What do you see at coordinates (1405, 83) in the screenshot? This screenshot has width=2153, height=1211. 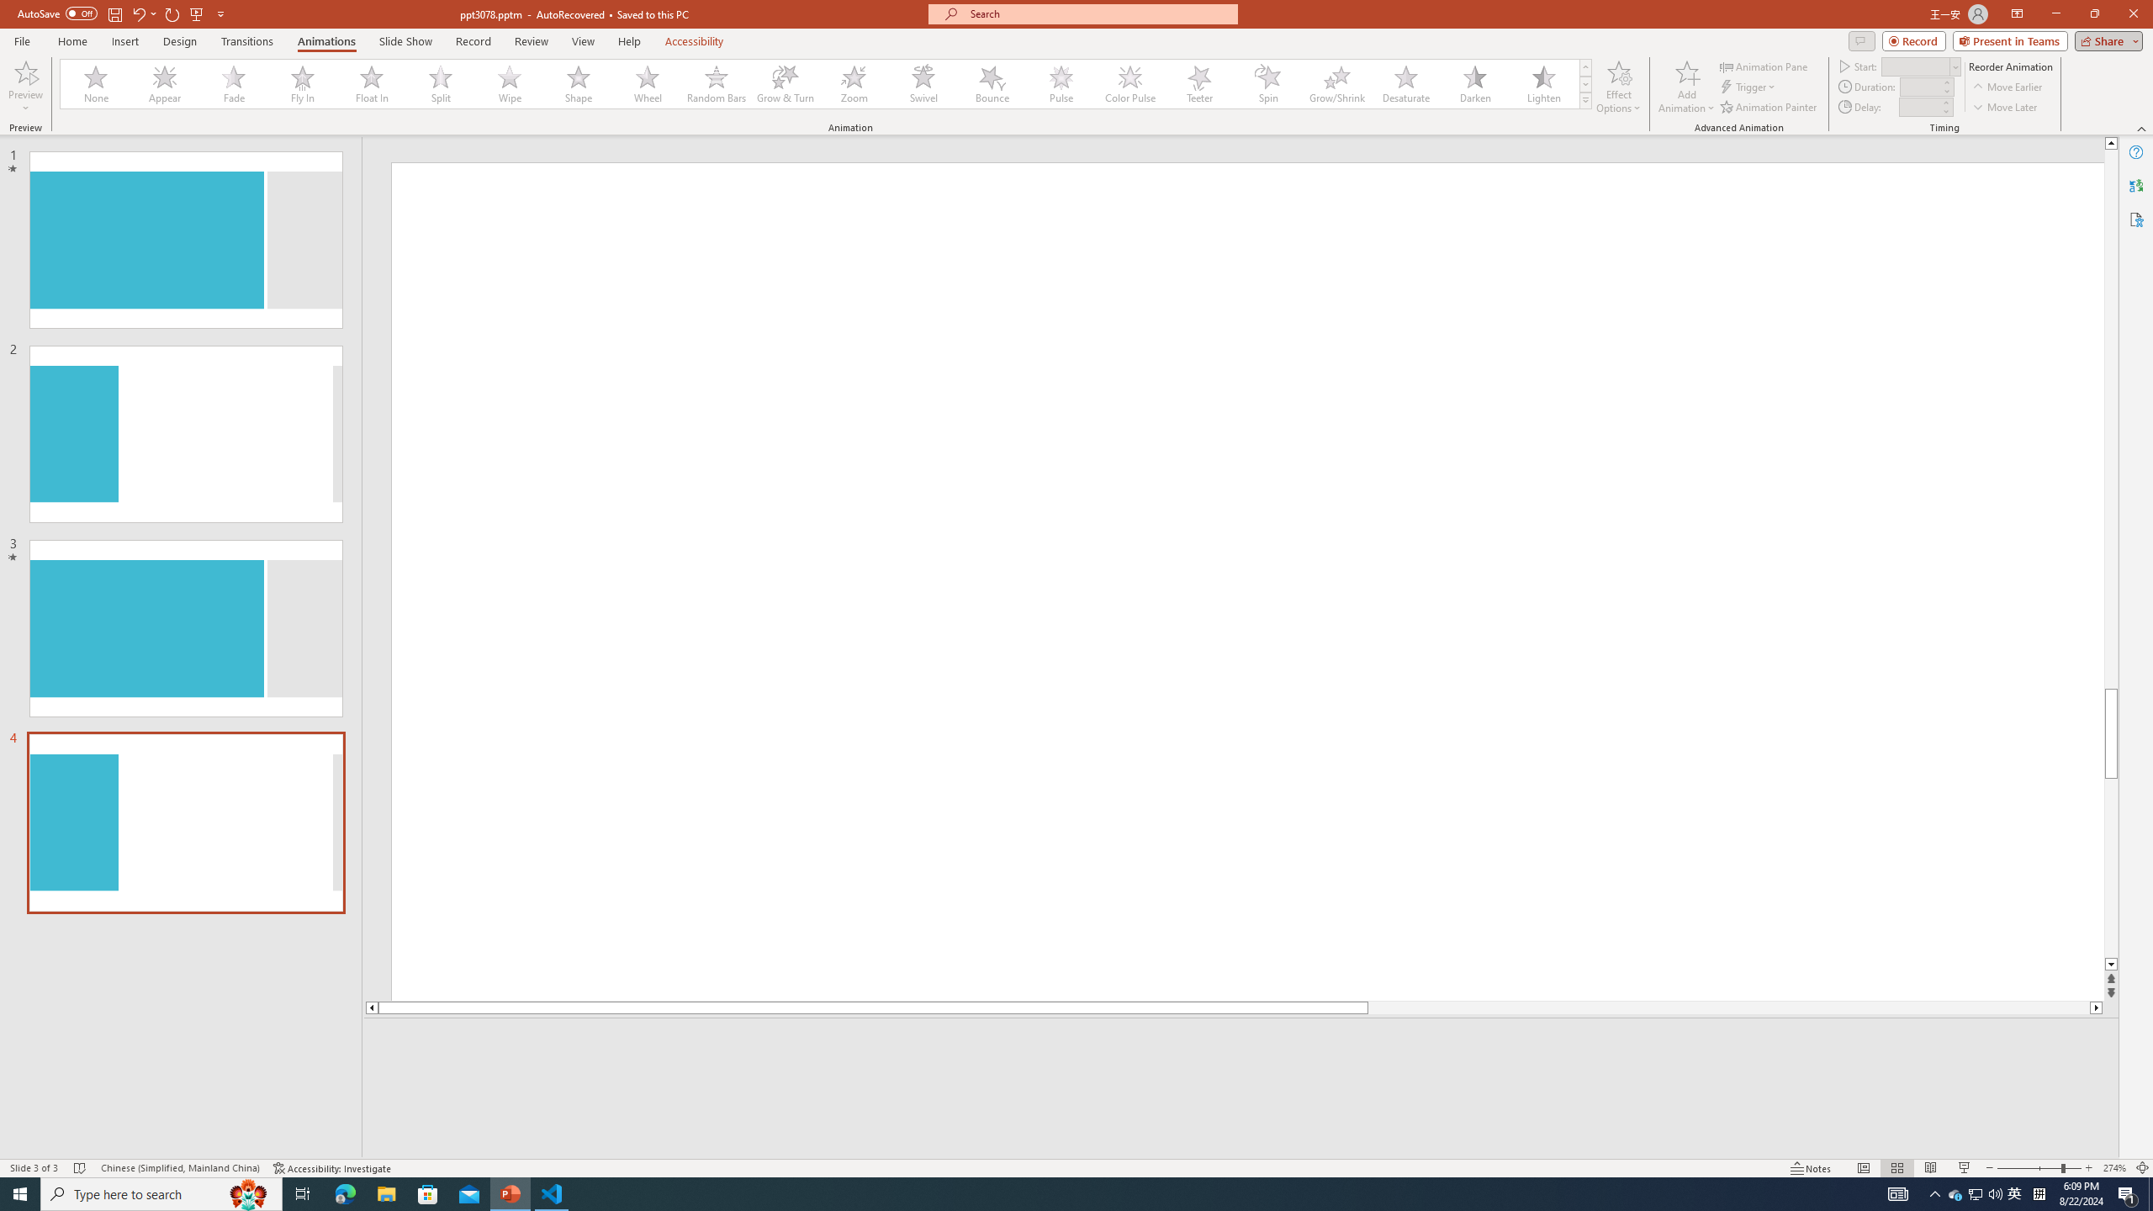 I see `'Desaturate'` at bounding box center [1405, 83].